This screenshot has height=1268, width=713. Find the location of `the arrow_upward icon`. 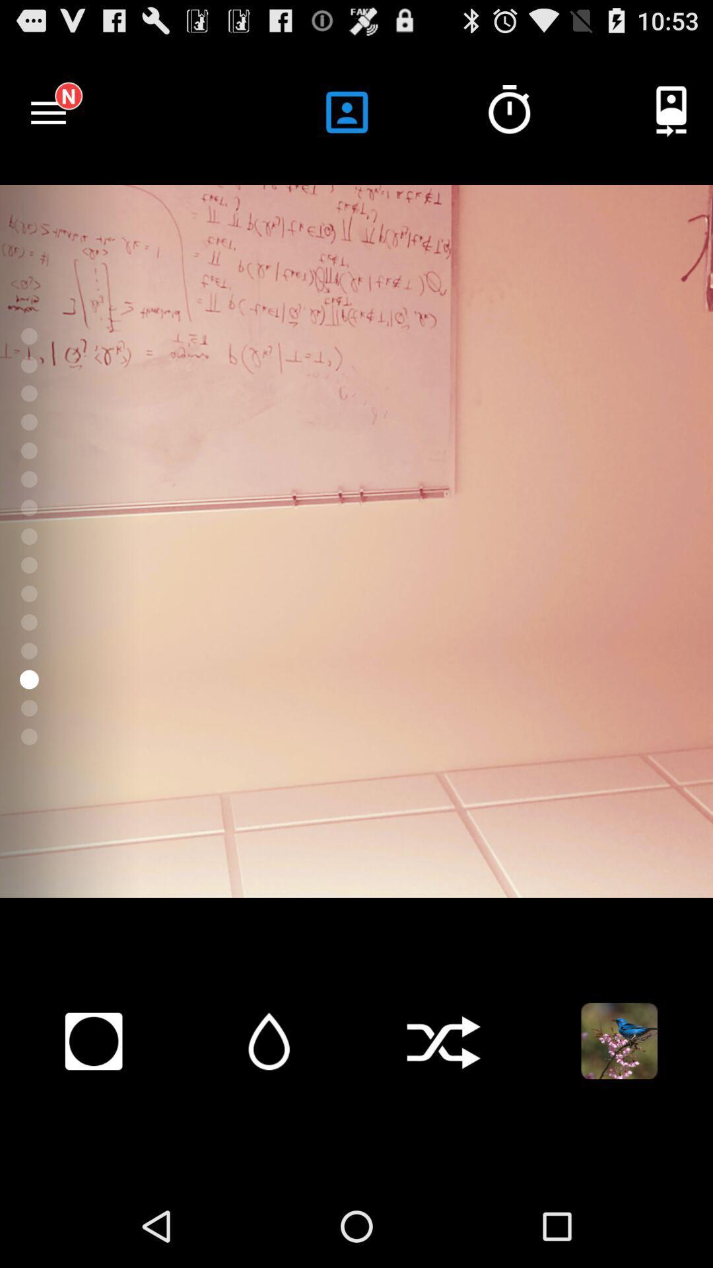

the arrow_upward icon is located at coordinates (268, 1113).